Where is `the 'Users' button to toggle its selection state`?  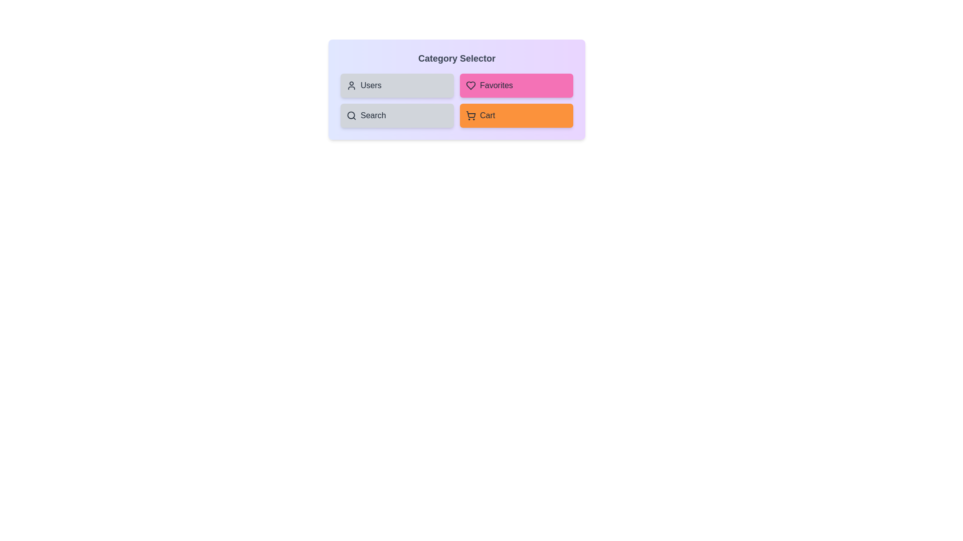 the 'Users' button to toggle its selection state is located at coordinates (397, 85).